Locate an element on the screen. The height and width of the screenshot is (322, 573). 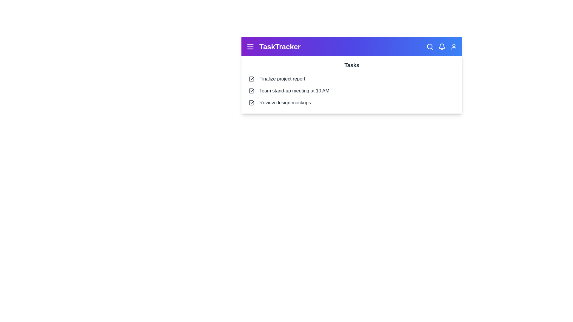
the user profile icon located at the top-right corner of the app bar is located at coordinates (454, 47).